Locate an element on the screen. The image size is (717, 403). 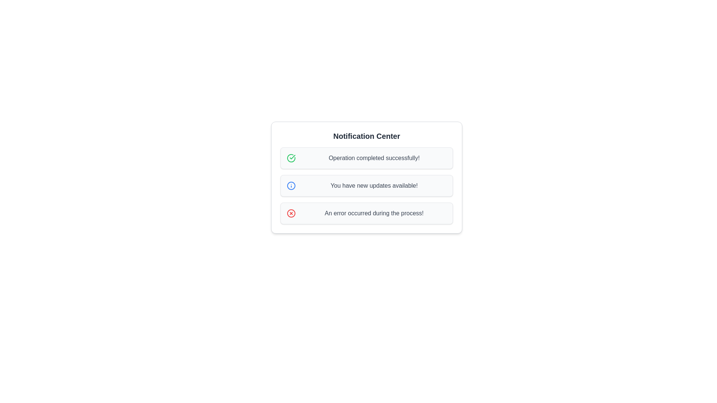
the informational status icon located at the center-left of the notification message card stating 'You have new updates available!' is located at coordinates (291, 185).